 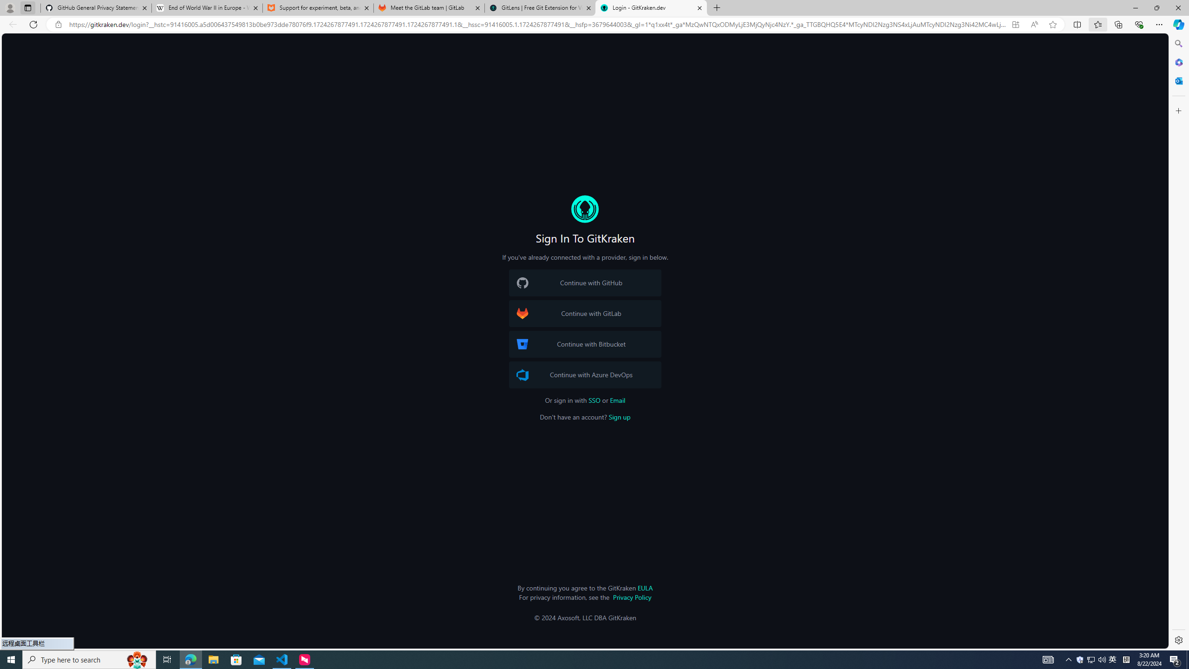 What do you see at coordinates (539, 7) in the screenshot?
I see `'GitLens | Free Git Extension for Visual Studio Code'` at bounding box center [539, 7].